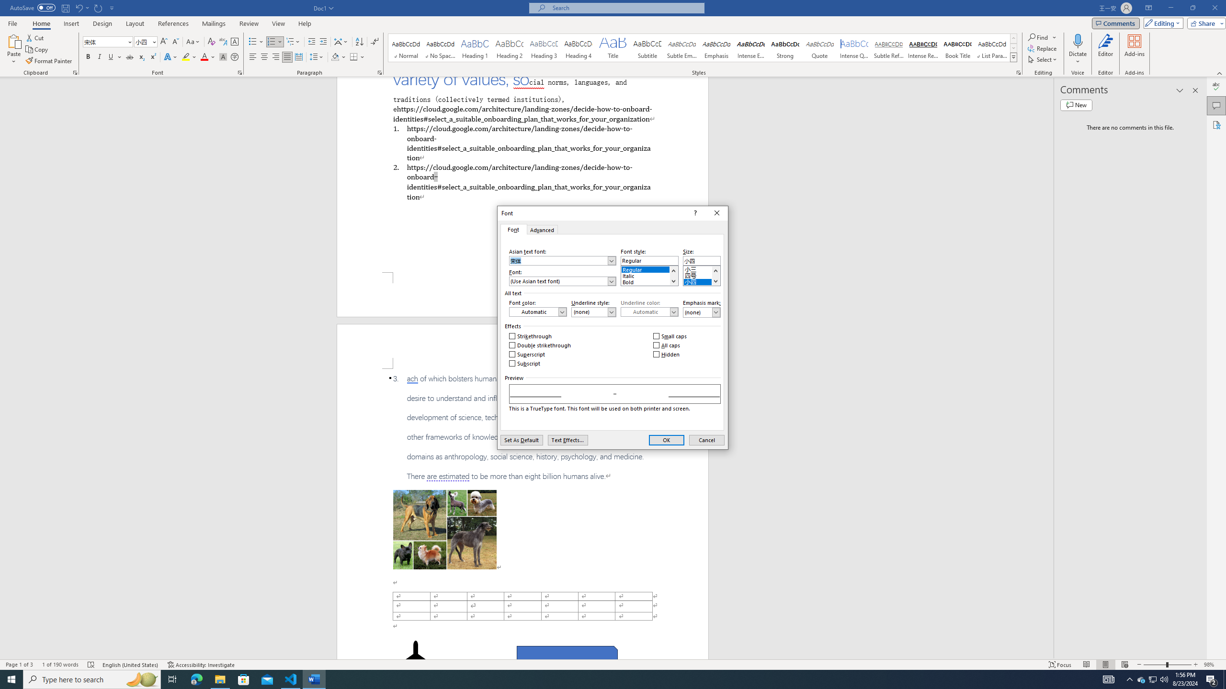 The width and height of the screenshot is (1226, 689). Describe the element at coordinates (222, 42) in the screenshot. I see `'Phonetic Guide...'` at that location.